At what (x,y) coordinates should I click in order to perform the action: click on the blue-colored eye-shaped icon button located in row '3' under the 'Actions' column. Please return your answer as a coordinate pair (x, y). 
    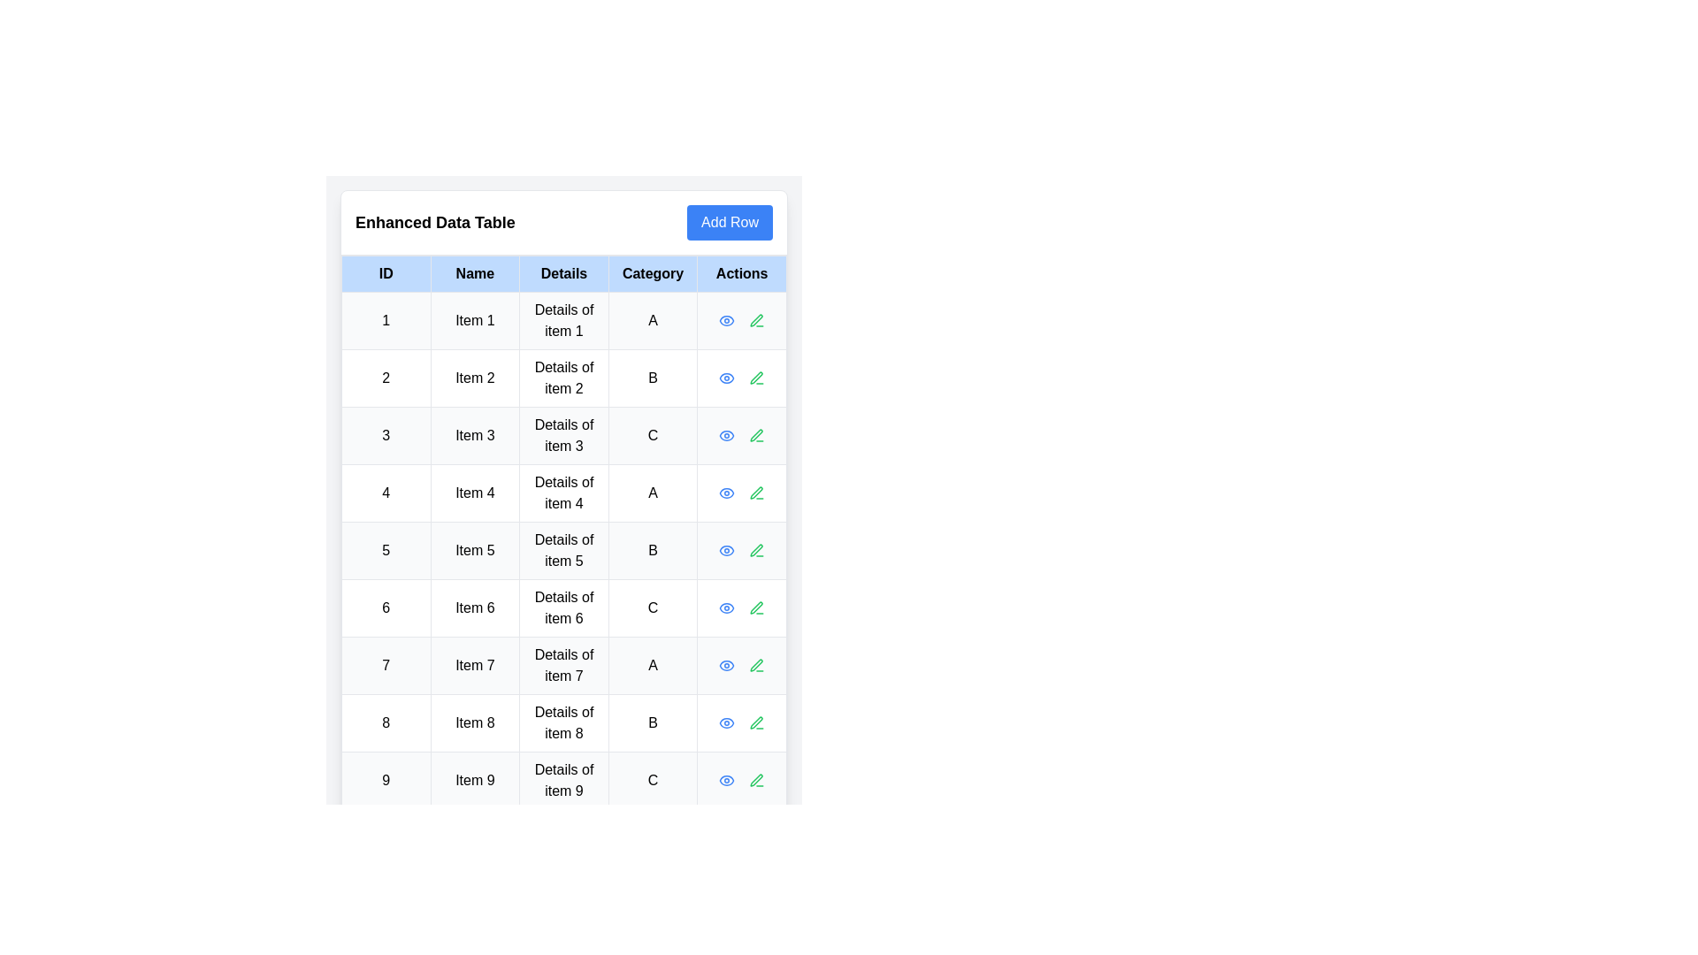
    Looking at the image, I should click on (727, 436).